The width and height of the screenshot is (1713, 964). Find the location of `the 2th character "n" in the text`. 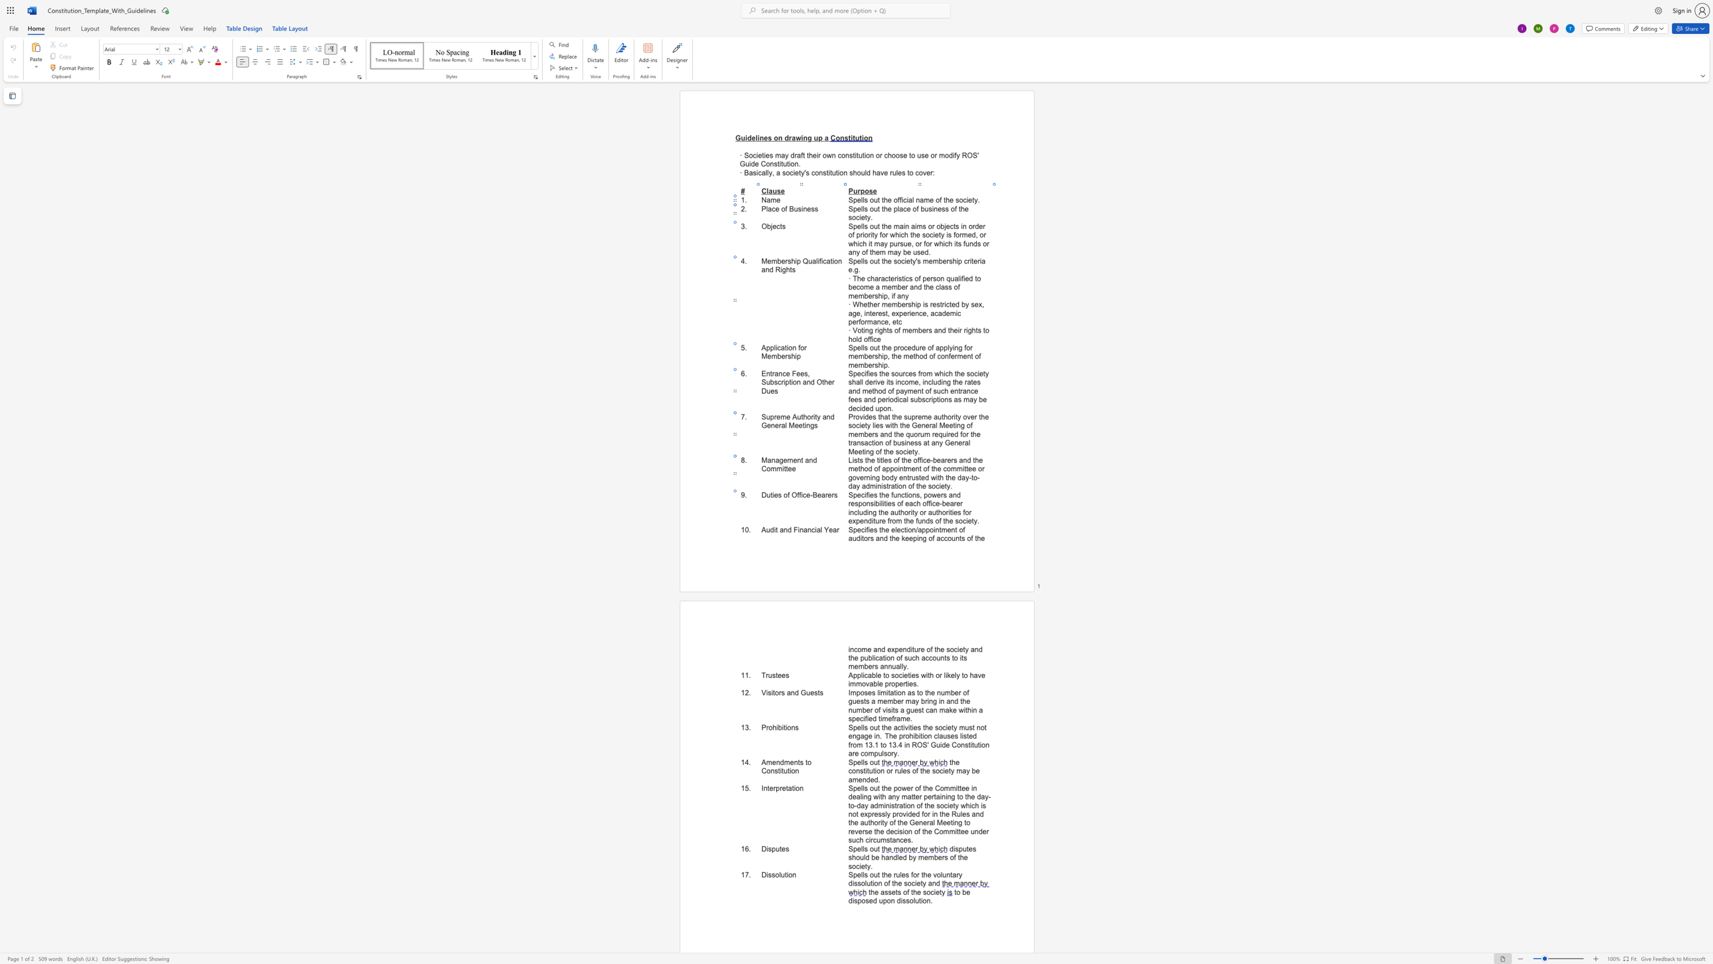

the 2th character "n" in the text is located at coordinates (801, 530).